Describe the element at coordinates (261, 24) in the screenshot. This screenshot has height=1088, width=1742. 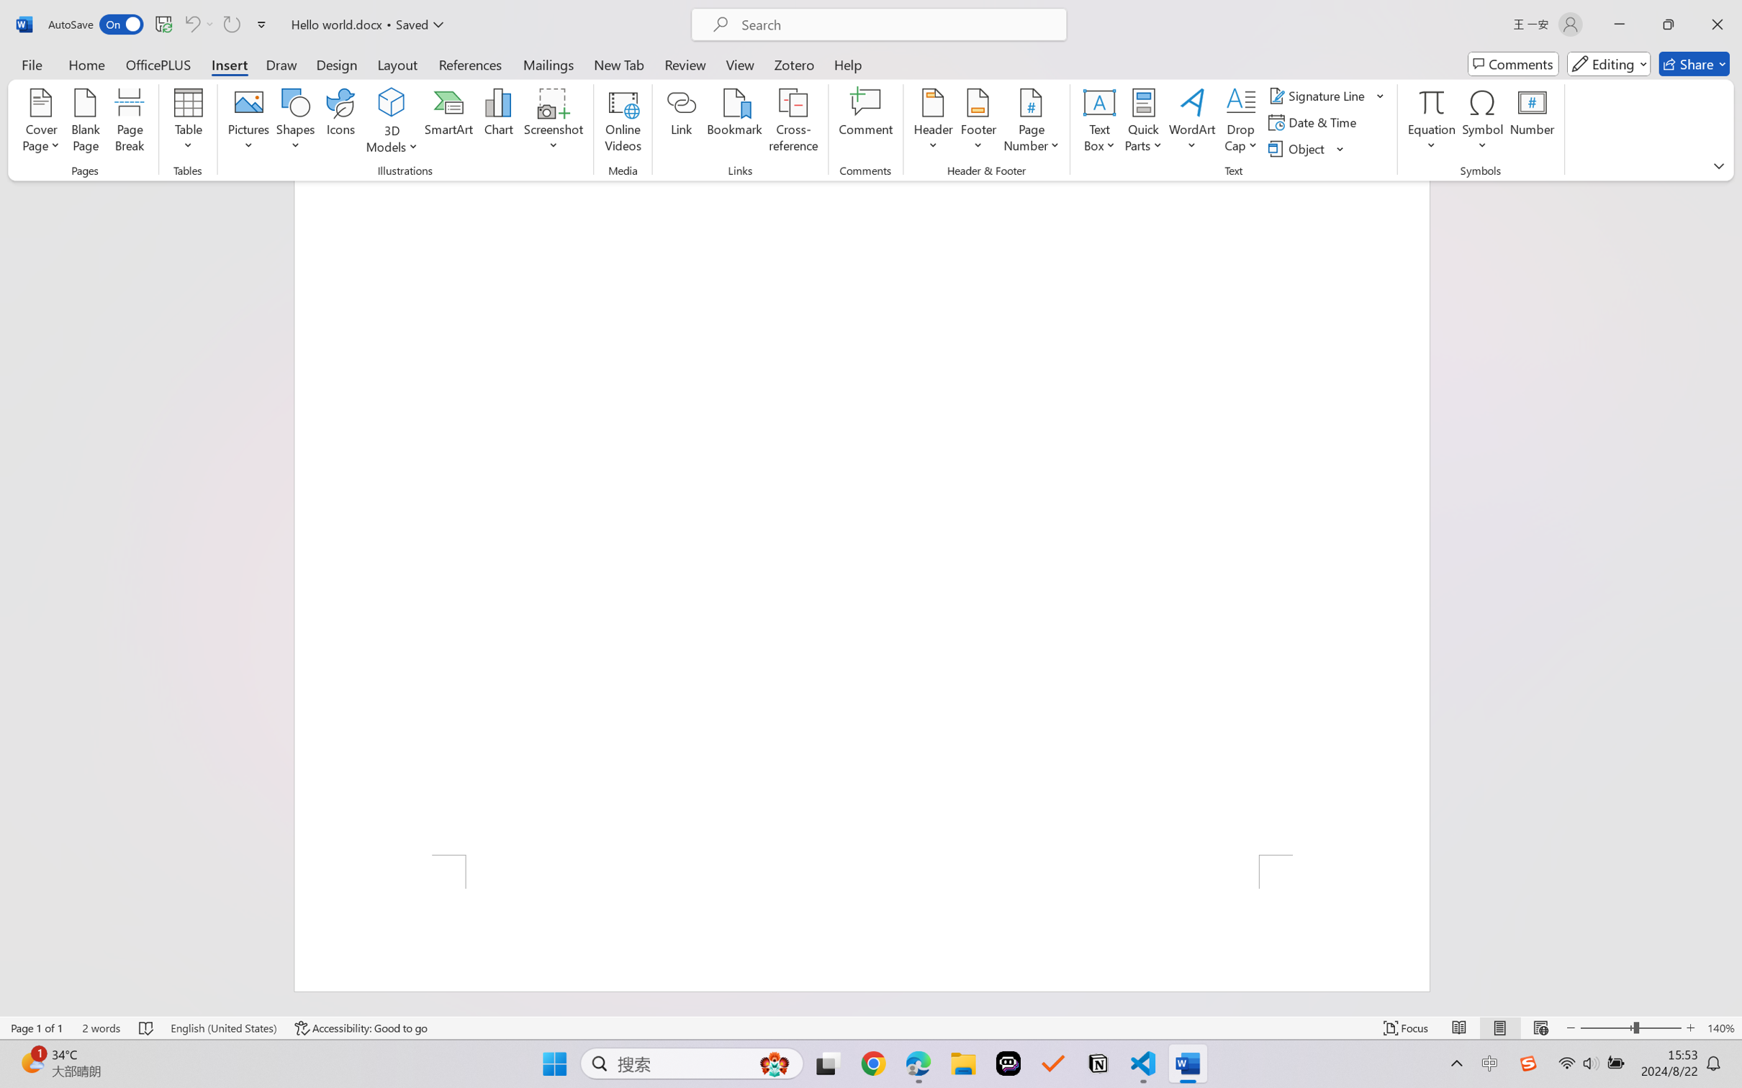
I see `'Customize Quick Access Toolbar'` at that location.